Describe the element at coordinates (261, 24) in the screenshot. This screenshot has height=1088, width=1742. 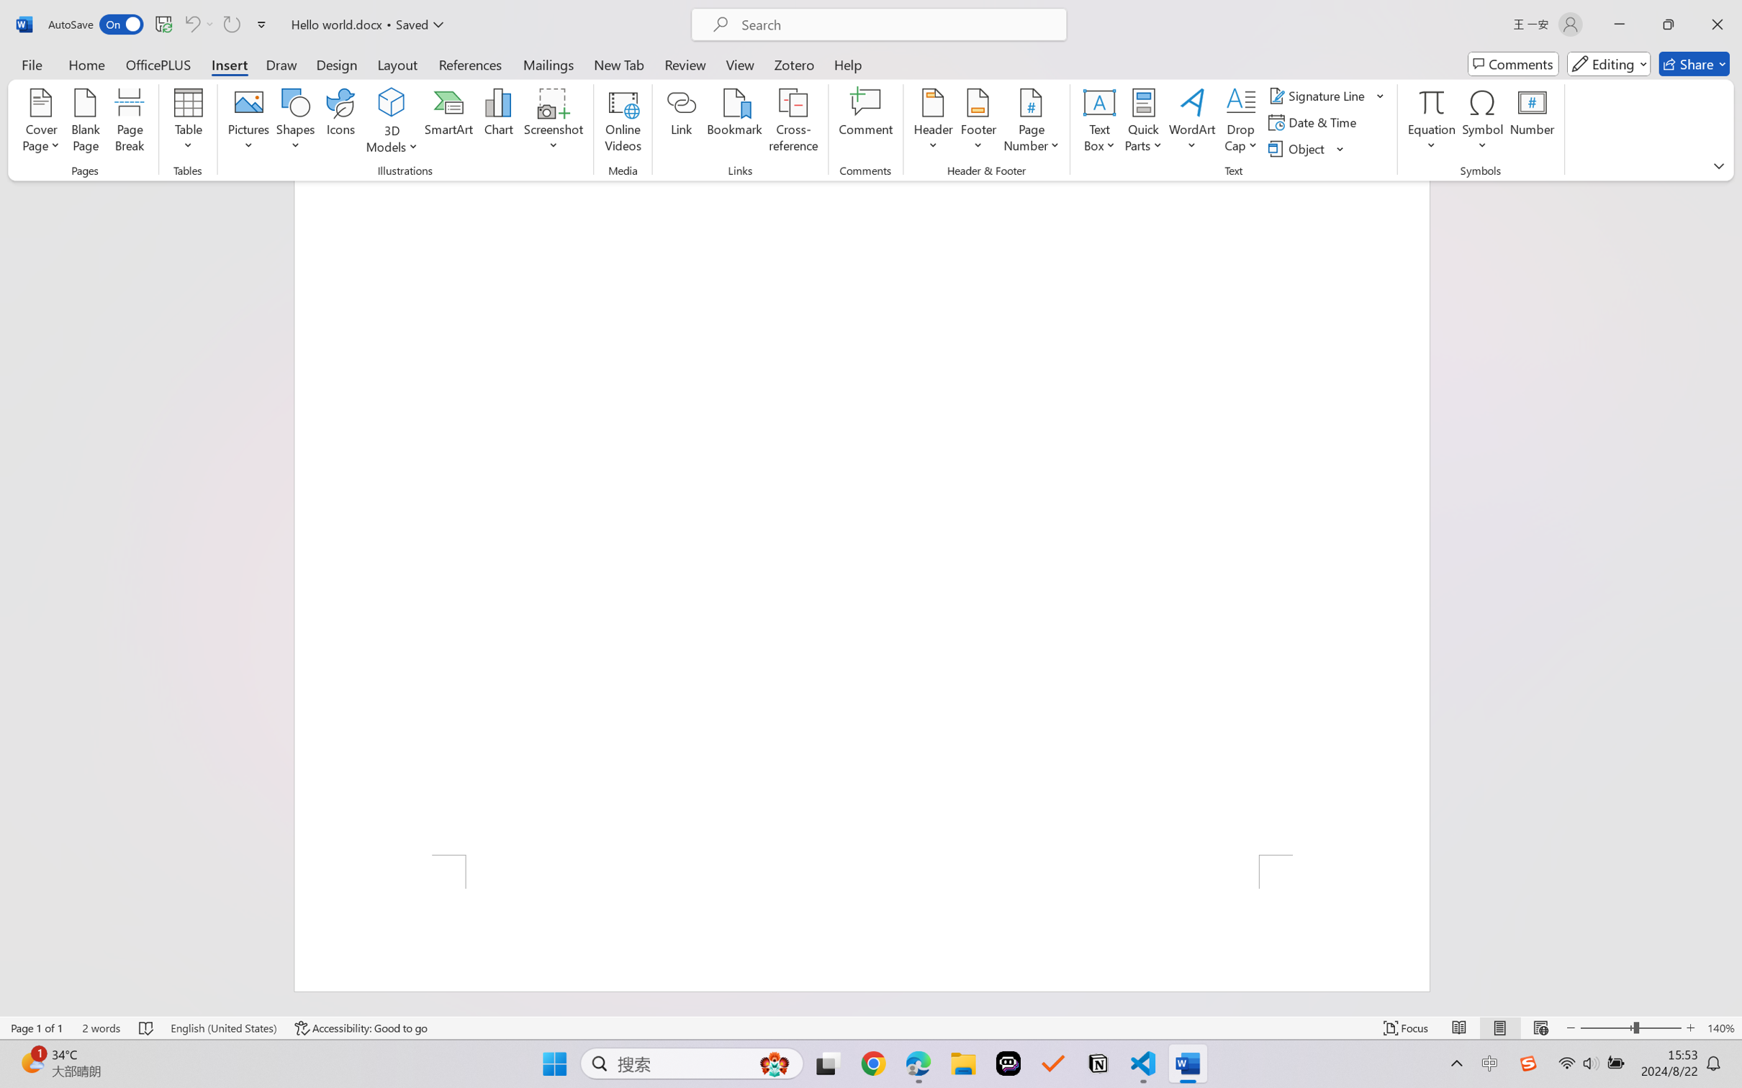
I see `'Customize Quick Access Toolbar'` at that location.